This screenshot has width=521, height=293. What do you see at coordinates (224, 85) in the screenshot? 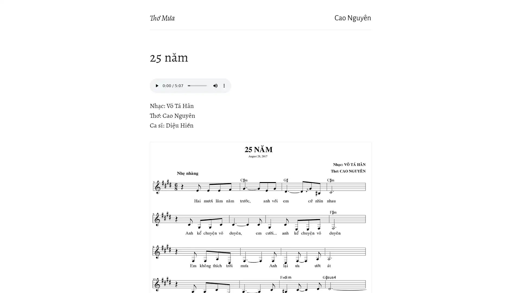
I see `show more media controls` at bounding box center [224, 85].